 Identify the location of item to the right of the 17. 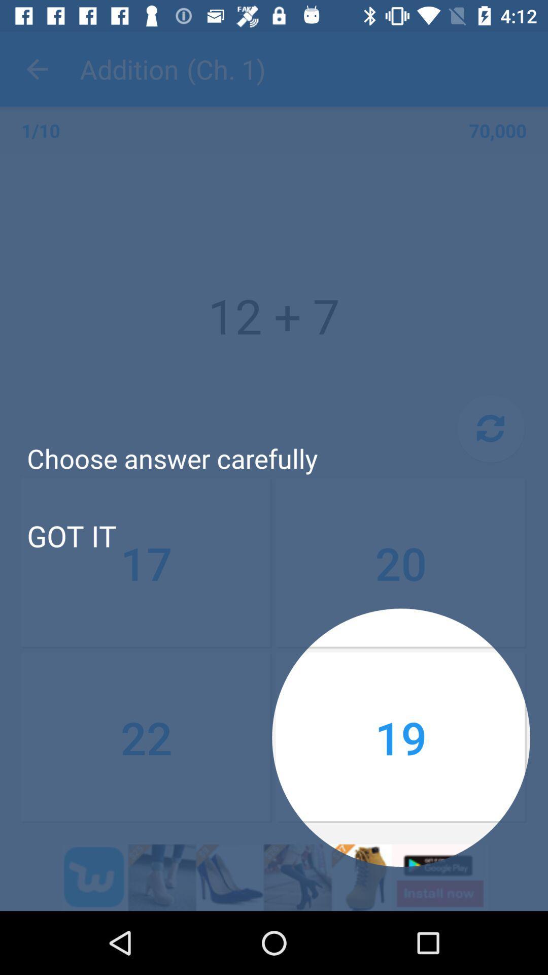
(400, 563).